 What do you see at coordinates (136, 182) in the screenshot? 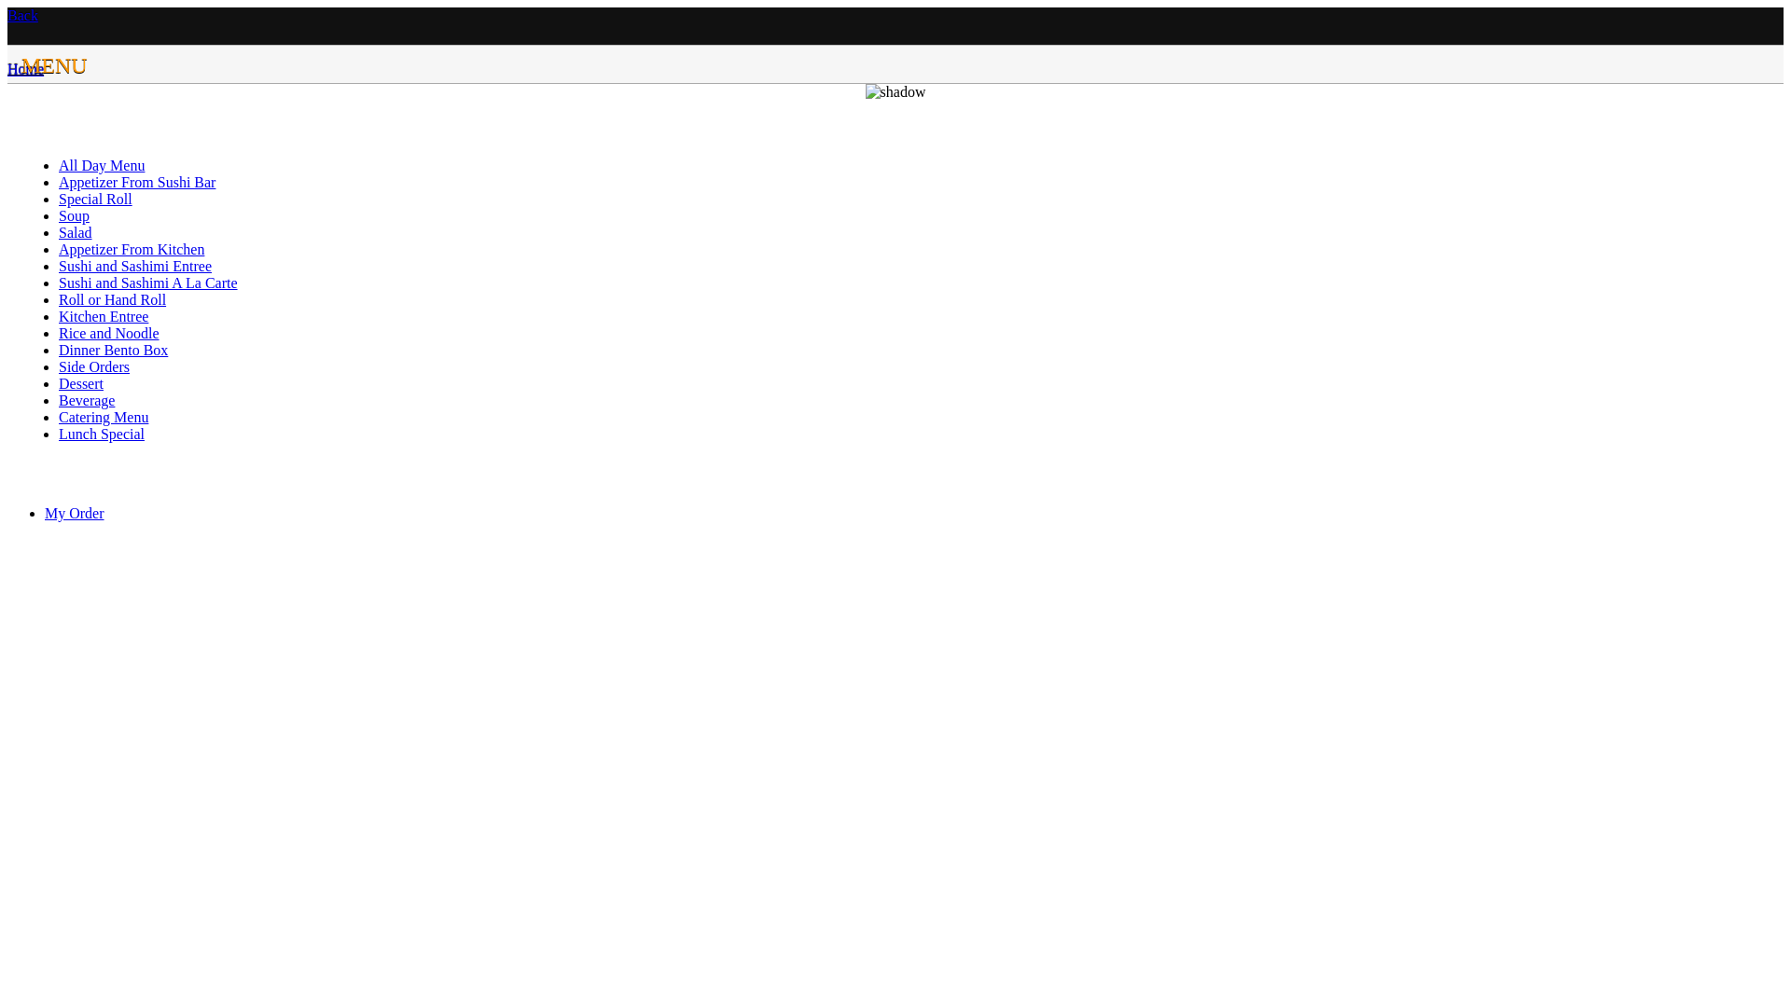
I see `'Appetizer From Sushi Bar'` at bounding box center [136, 182].